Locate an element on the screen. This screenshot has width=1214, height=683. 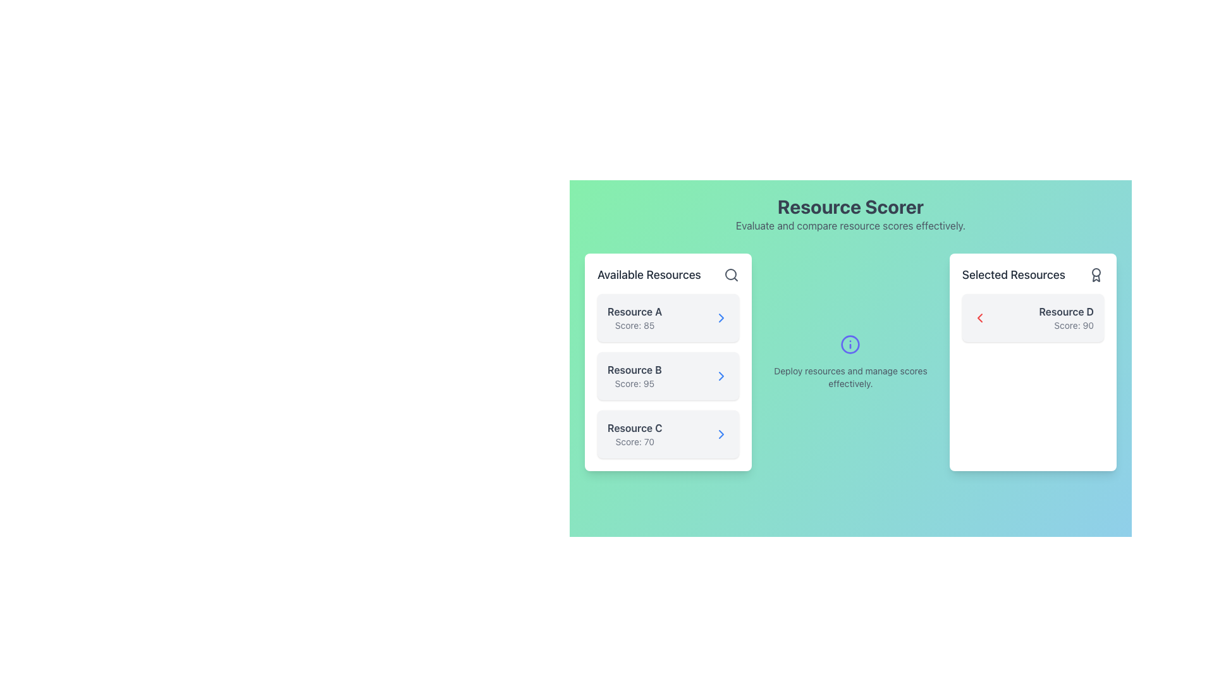
the navigational icon associated with 'Resource A - Score: 85' in the 'Available Resources' card is located at coordinates (721, 317).